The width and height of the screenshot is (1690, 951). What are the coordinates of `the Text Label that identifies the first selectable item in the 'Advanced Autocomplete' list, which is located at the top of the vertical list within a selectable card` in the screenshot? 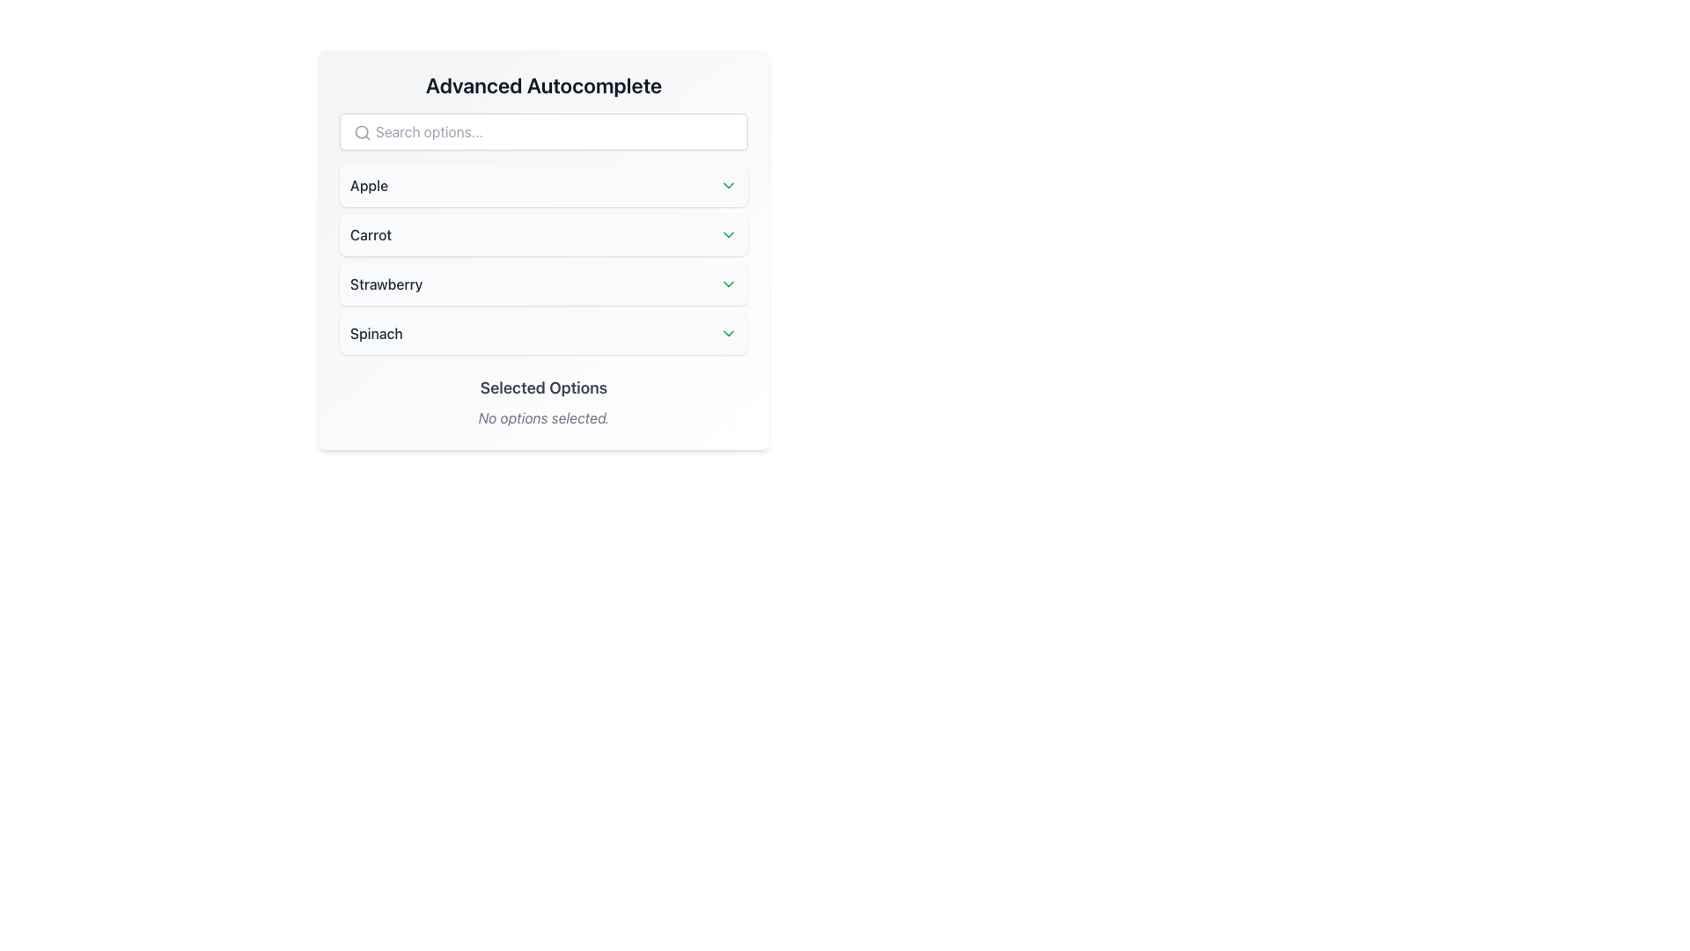 It's located at (368, 186).